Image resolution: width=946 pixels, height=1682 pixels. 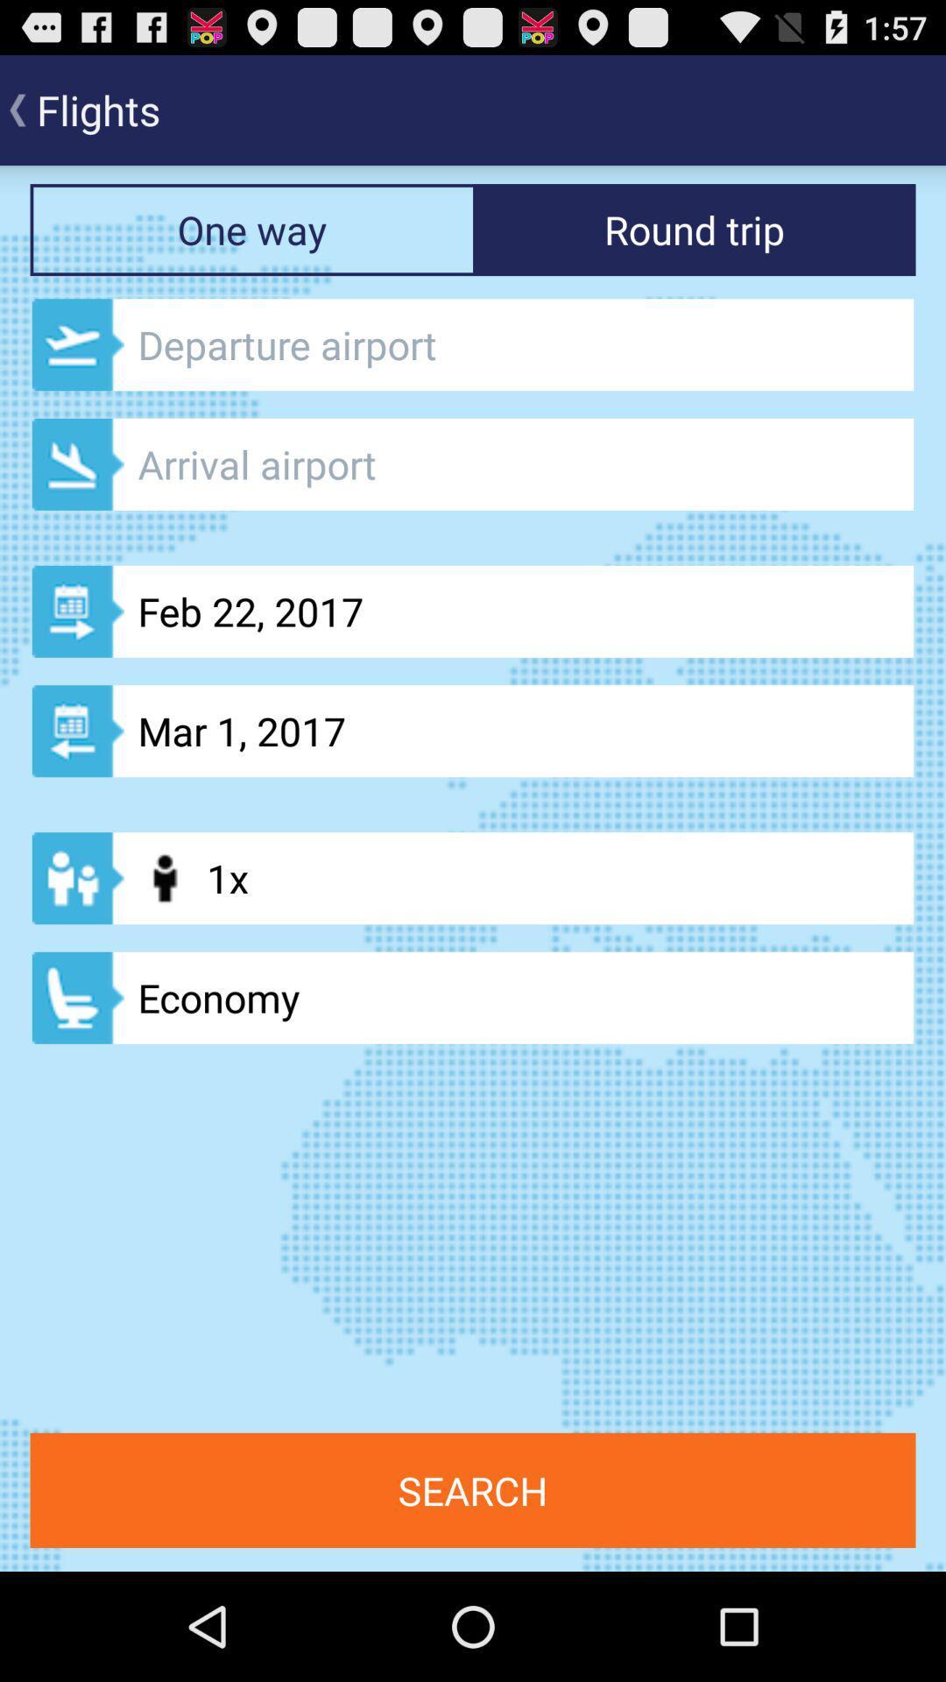 I want to click on the arrival airport, so click(x=473, y=464).